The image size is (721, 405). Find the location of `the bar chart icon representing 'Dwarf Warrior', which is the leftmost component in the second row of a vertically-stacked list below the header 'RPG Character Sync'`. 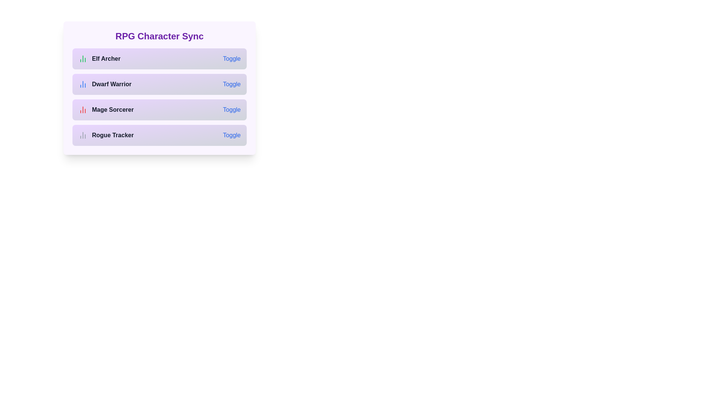

the bar chart icon representing 'Dwarf Warrior', which is the leftmost component in the second row of a vertically-stacked list below the header 'RPG Character Sync' is located at coordinates (83, 84).